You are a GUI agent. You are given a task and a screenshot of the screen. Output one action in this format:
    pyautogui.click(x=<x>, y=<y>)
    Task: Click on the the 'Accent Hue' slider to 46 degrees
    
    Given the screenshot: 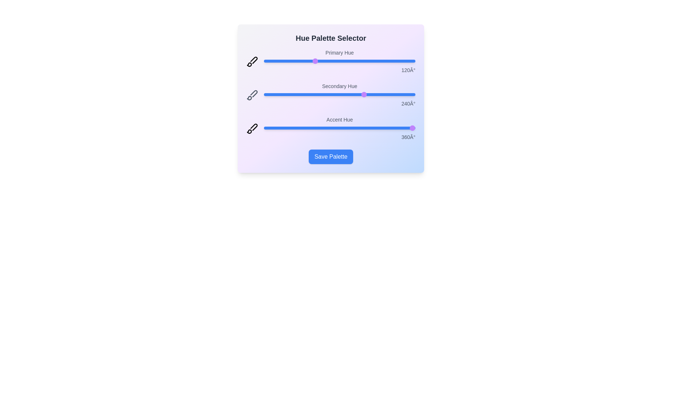 What is the action you would take?
    pyautogui.click(x=283, y=127)
    